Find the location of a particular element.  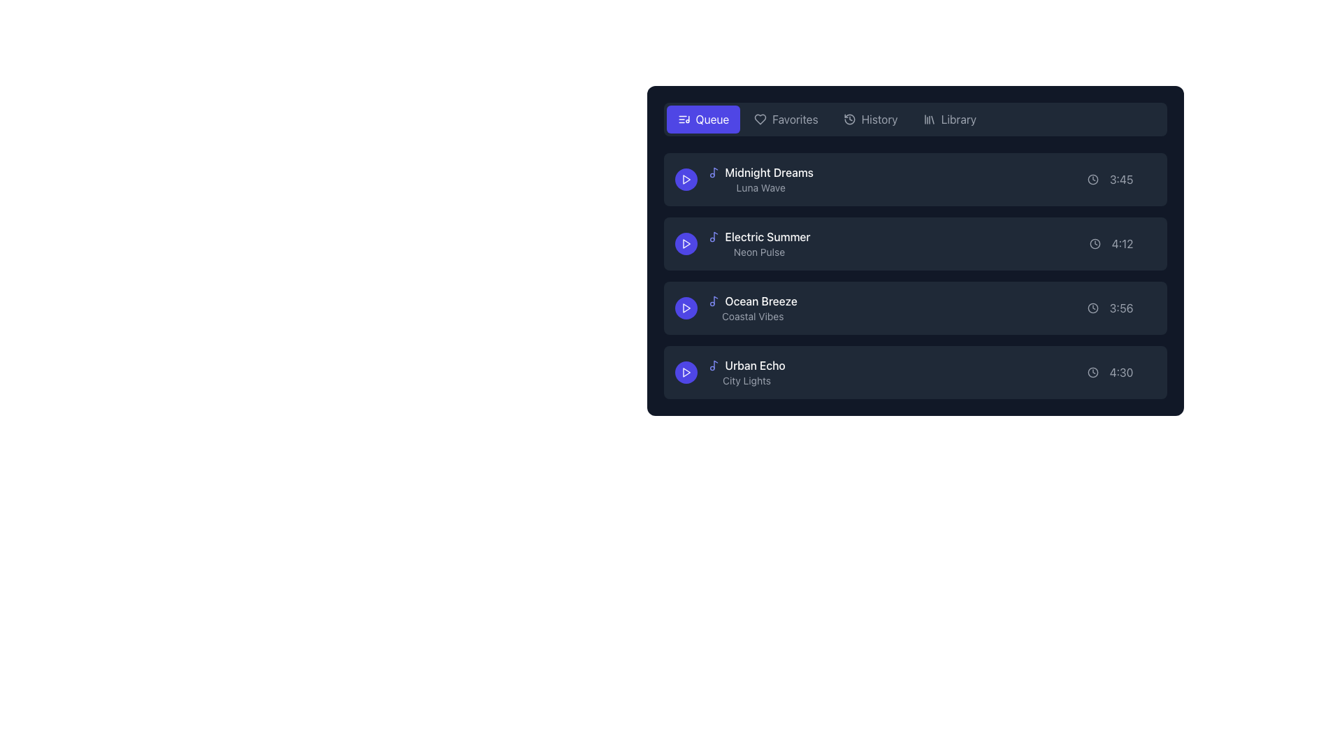

the play button icon is located at coordinates (686, 179).